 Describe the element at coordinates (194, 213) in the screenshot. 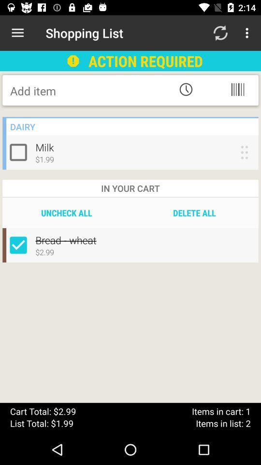

I see `item next to the uncheck all` at that location.